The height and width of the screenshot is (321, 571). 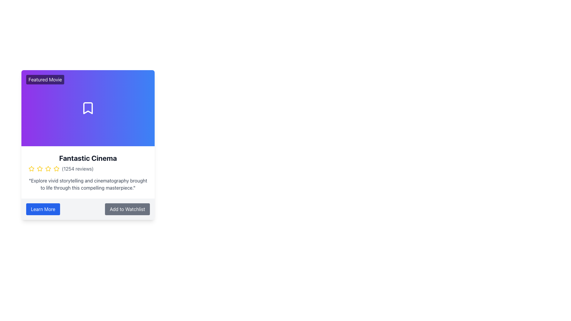 What do you see at coordinates (40, 169) in the screenshot?
I see `the third star icon in the rating system to provide a rating for the review` at bounding box center [40, 169].